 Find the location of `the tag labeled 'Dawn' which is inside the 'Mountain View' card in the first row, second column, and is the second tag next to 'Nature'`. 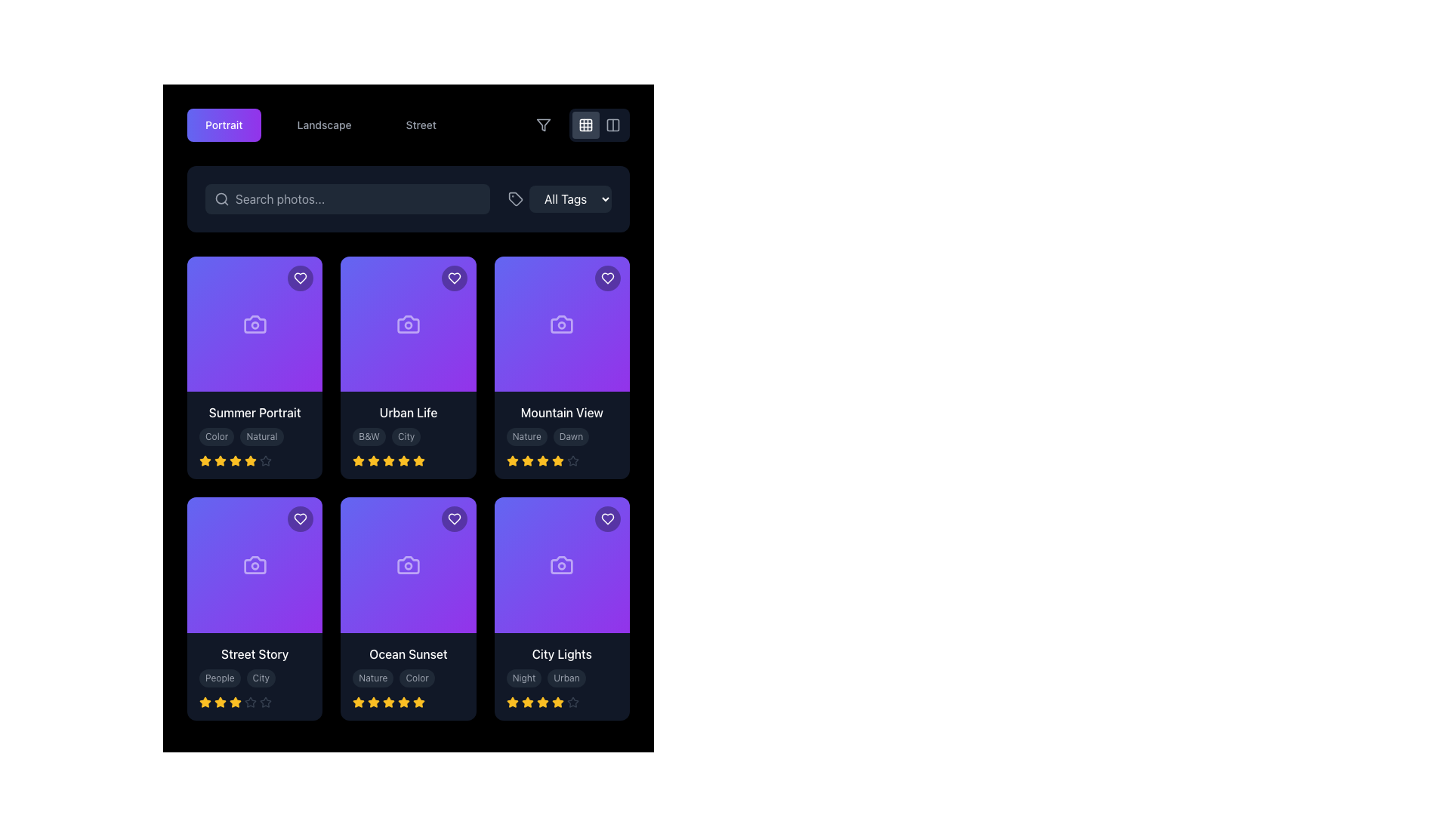

the tag labeled 'Dawn' which is inside the 'Mountain View' card in the first row, second column, and is the second tag next to 'Nature' is located at coordinates (570, 437).